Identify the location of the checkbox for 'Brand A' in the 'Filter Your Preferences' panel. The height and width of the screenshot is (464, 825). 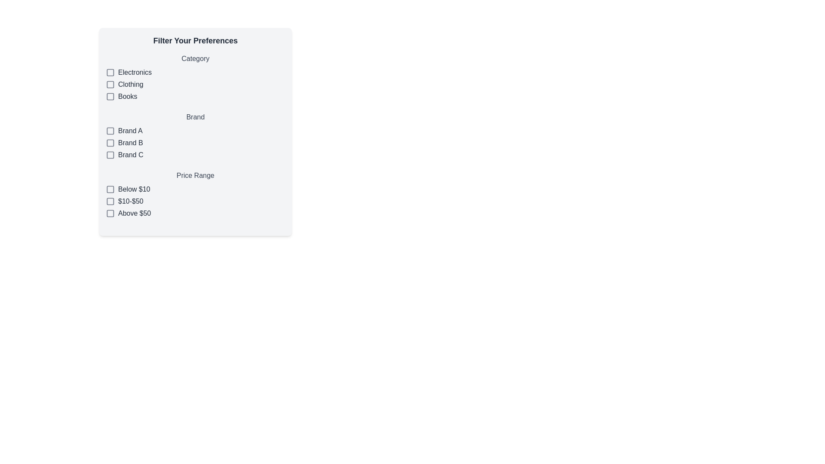
(110, 131).